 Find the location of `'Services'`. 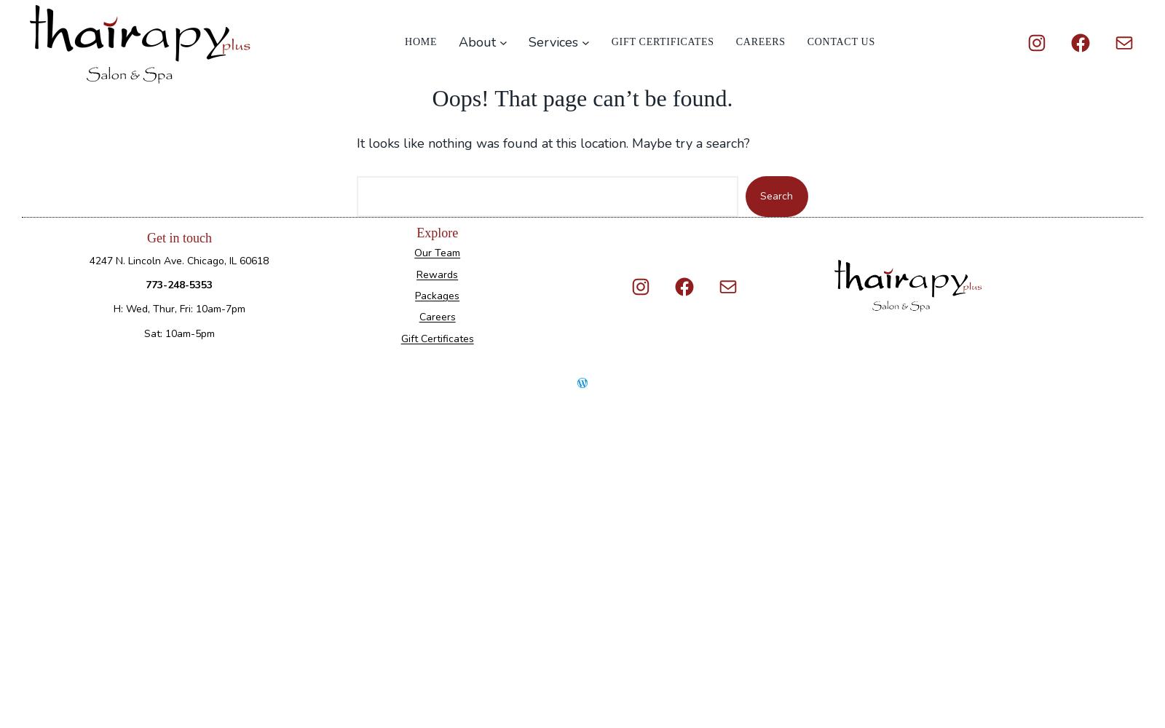

'Services' is located at coordinates (528, 42).